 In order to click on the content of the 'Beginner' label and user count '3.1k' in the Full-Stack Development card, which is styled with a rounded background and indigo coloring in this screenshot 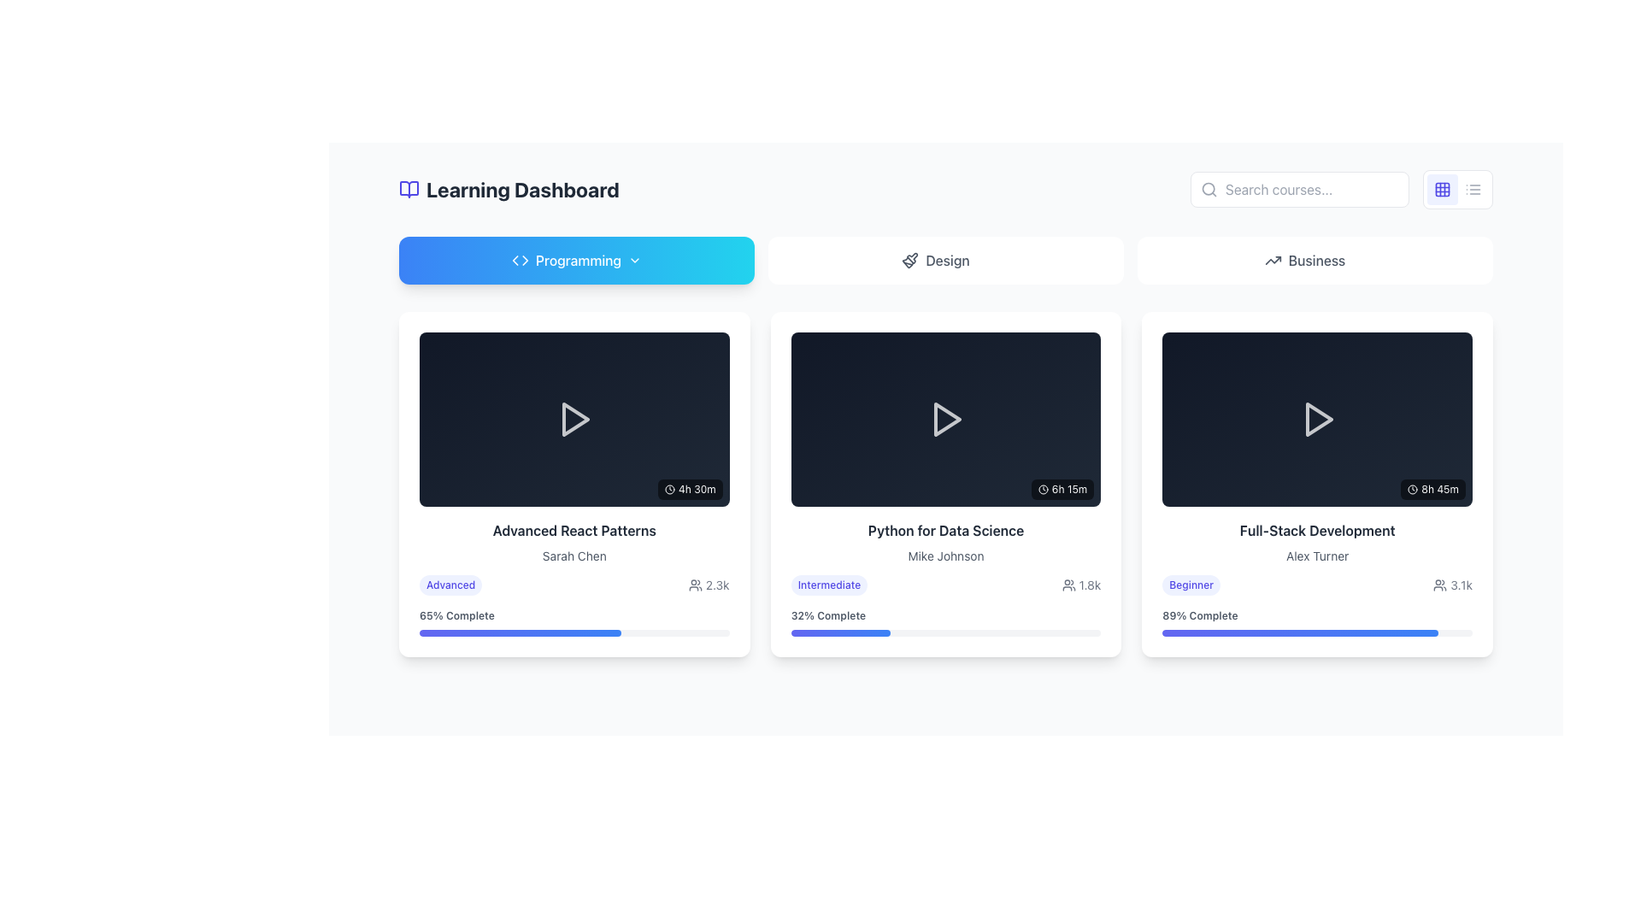, I will do `click(1316, 584)`.